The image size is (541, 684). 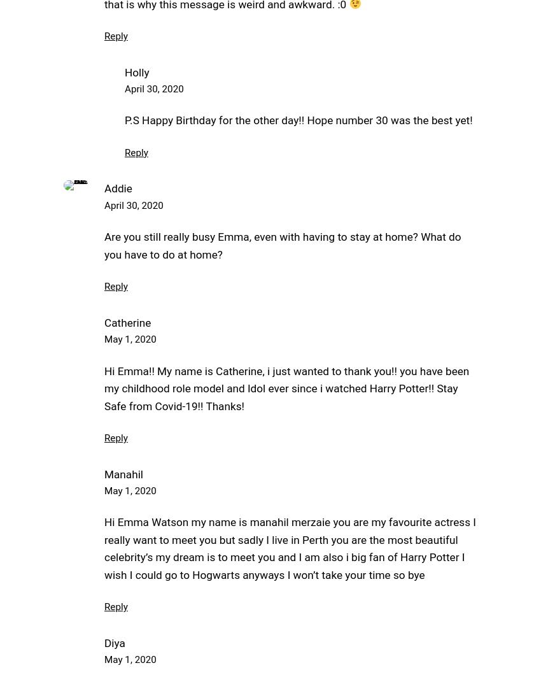 I want to click on 'Catherine', so click(x=127, y=322).